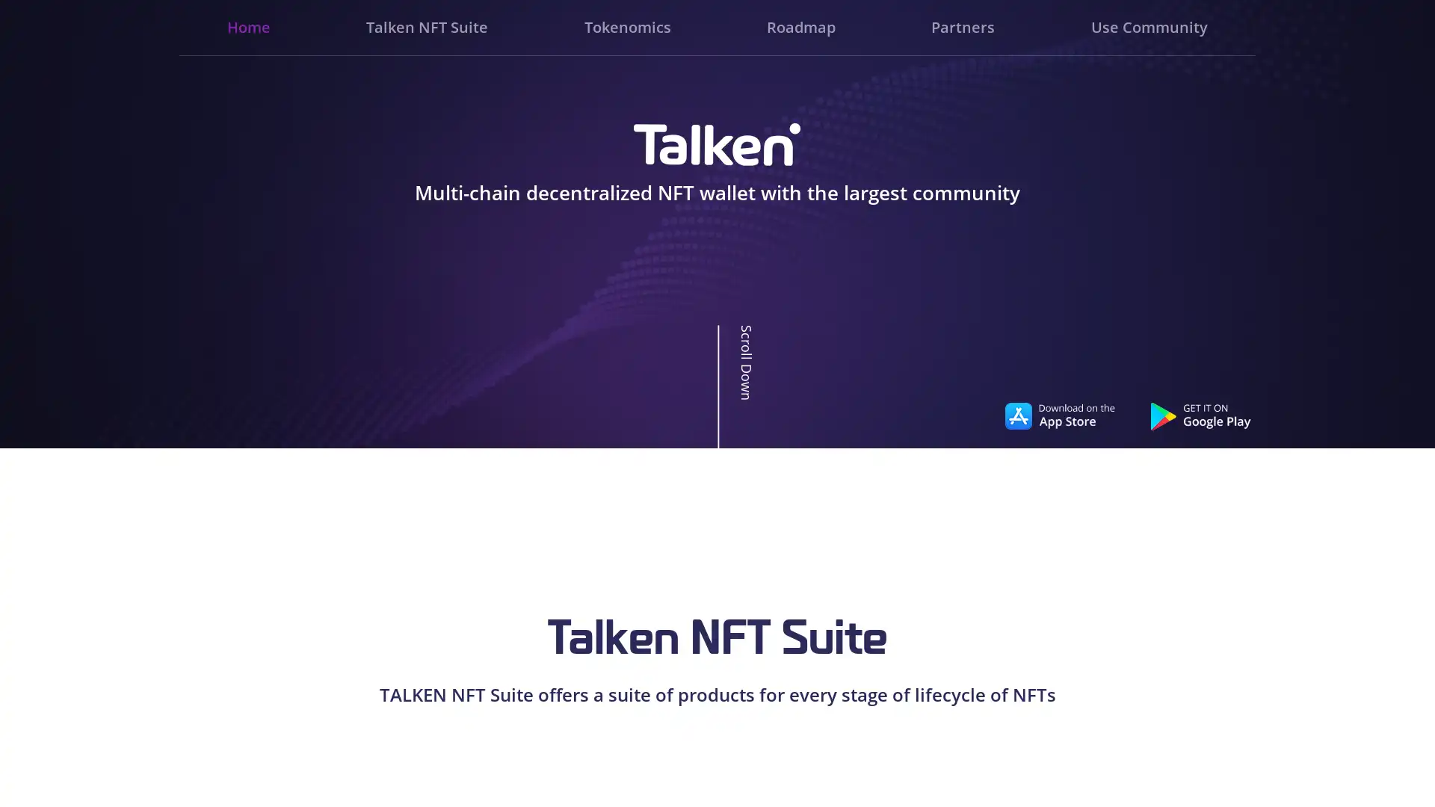 This screenshot has width=1435, height=807. What do you see at coordinates (240, 634) in the screenshot?
I see `Go to slide 2` at bounding box center [240, 634].